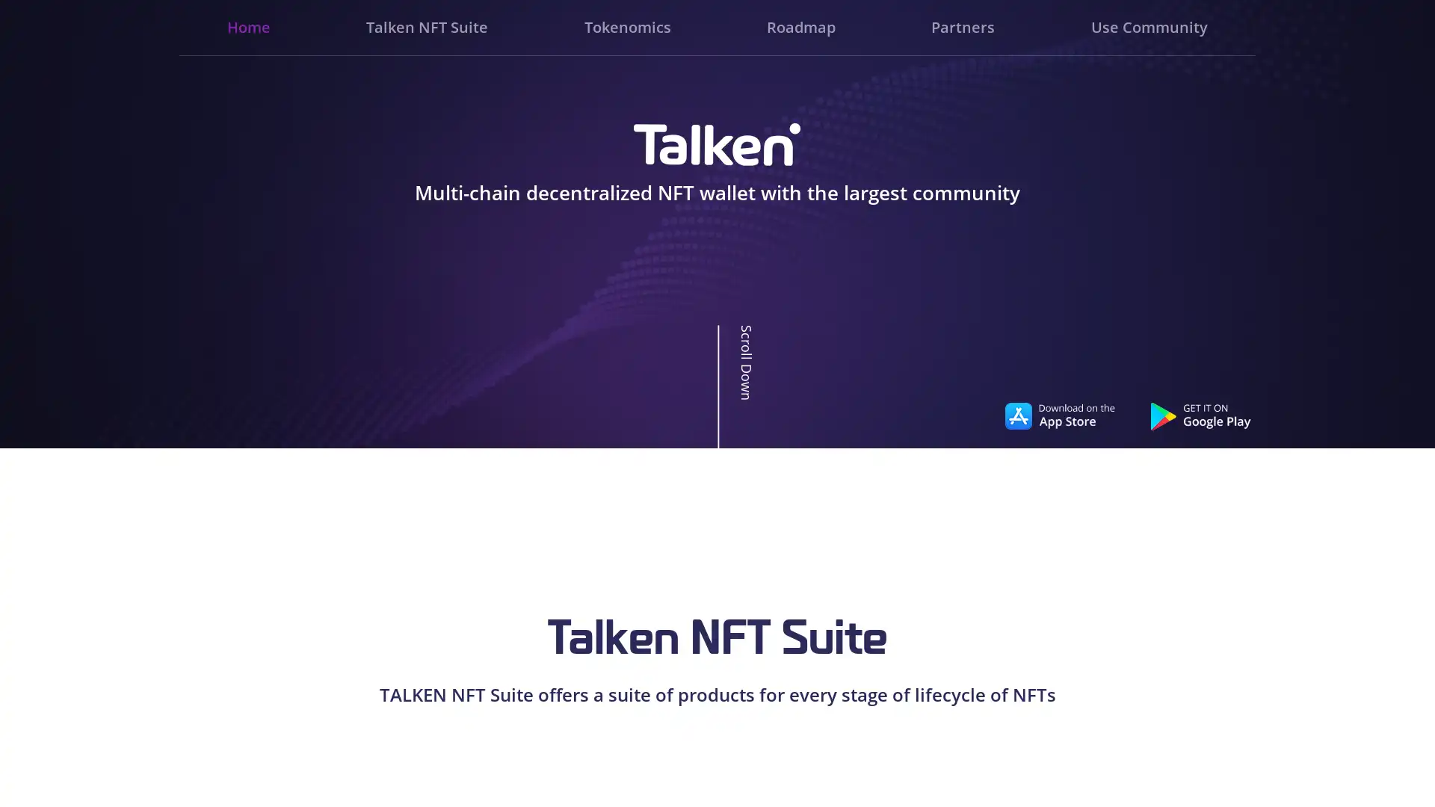 This screenshot has width=1435, height=807. What do you see at coordinates (240, 634) in the screenshot?
I see `Go to slide 2` at bounding box center [240, 634].